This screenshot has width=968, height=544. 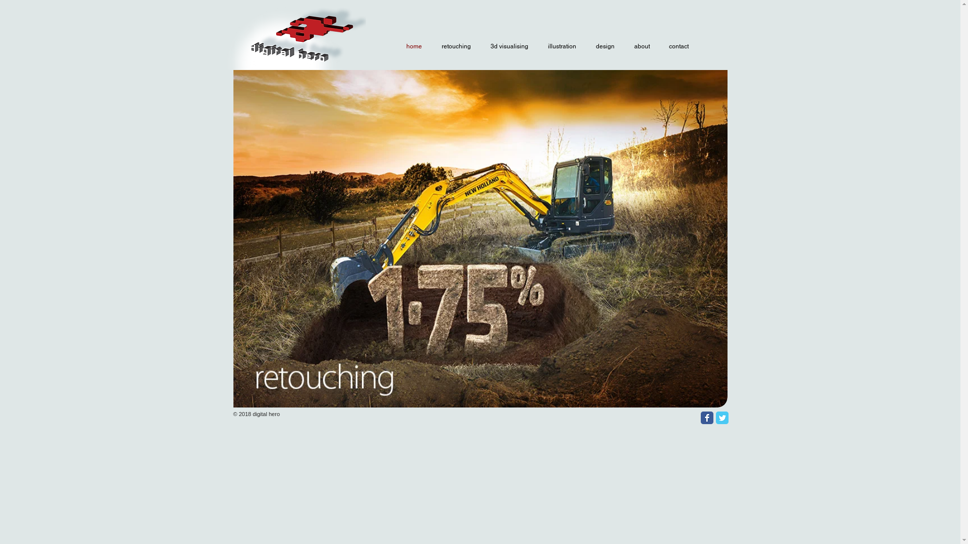 I want to click on 'design', so click(x=604, y=46).